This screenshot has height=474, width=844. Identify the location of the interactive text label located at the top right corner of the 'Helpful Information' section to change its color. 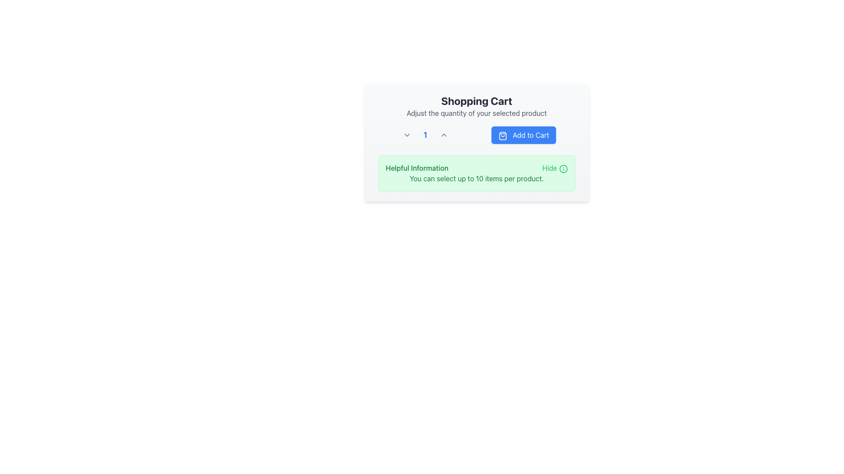
(554, 168).